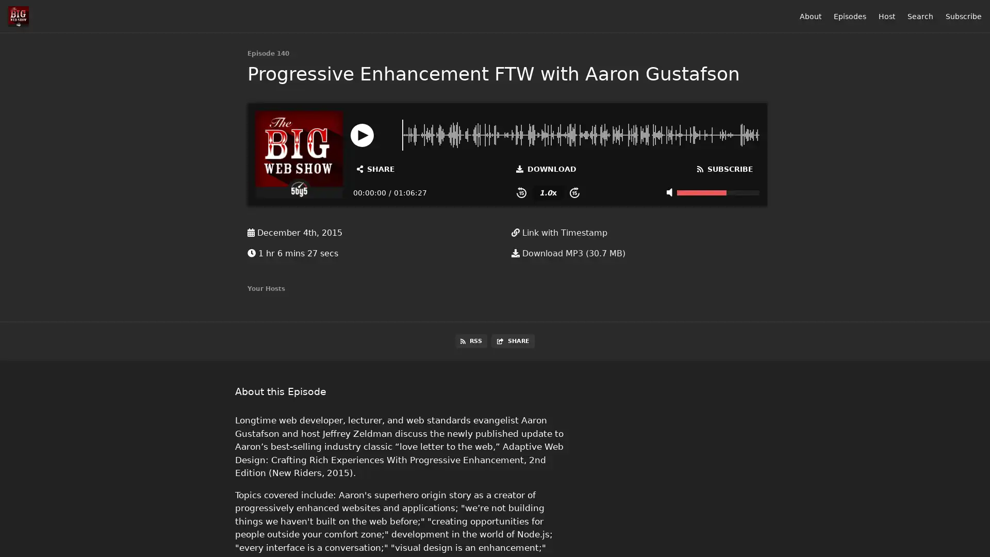 This screenshot has height=557, width=990. I want to click on Play or Pause, so click(362, 134).